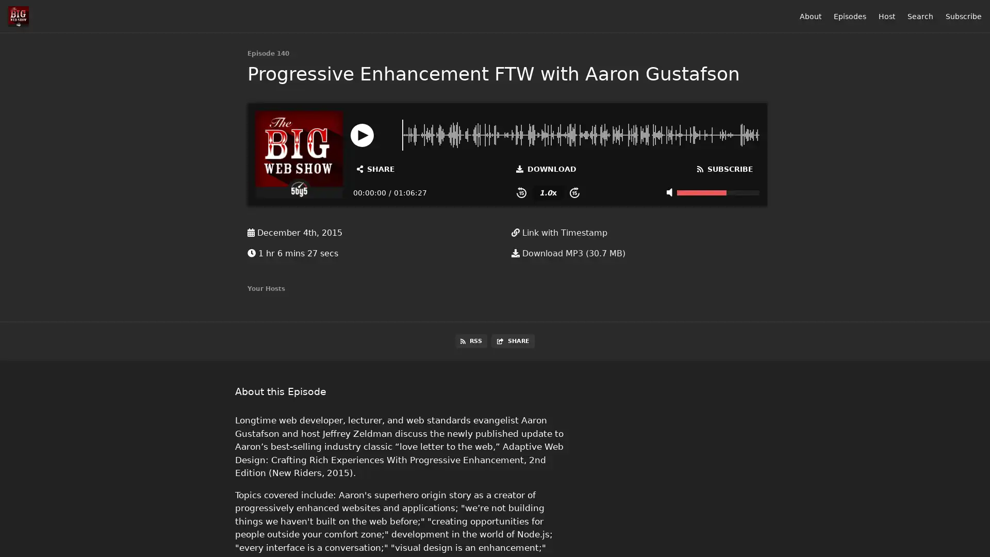 This screenshot has height=557, width=990. I want to click on Play or Pause, so click(362, 134).